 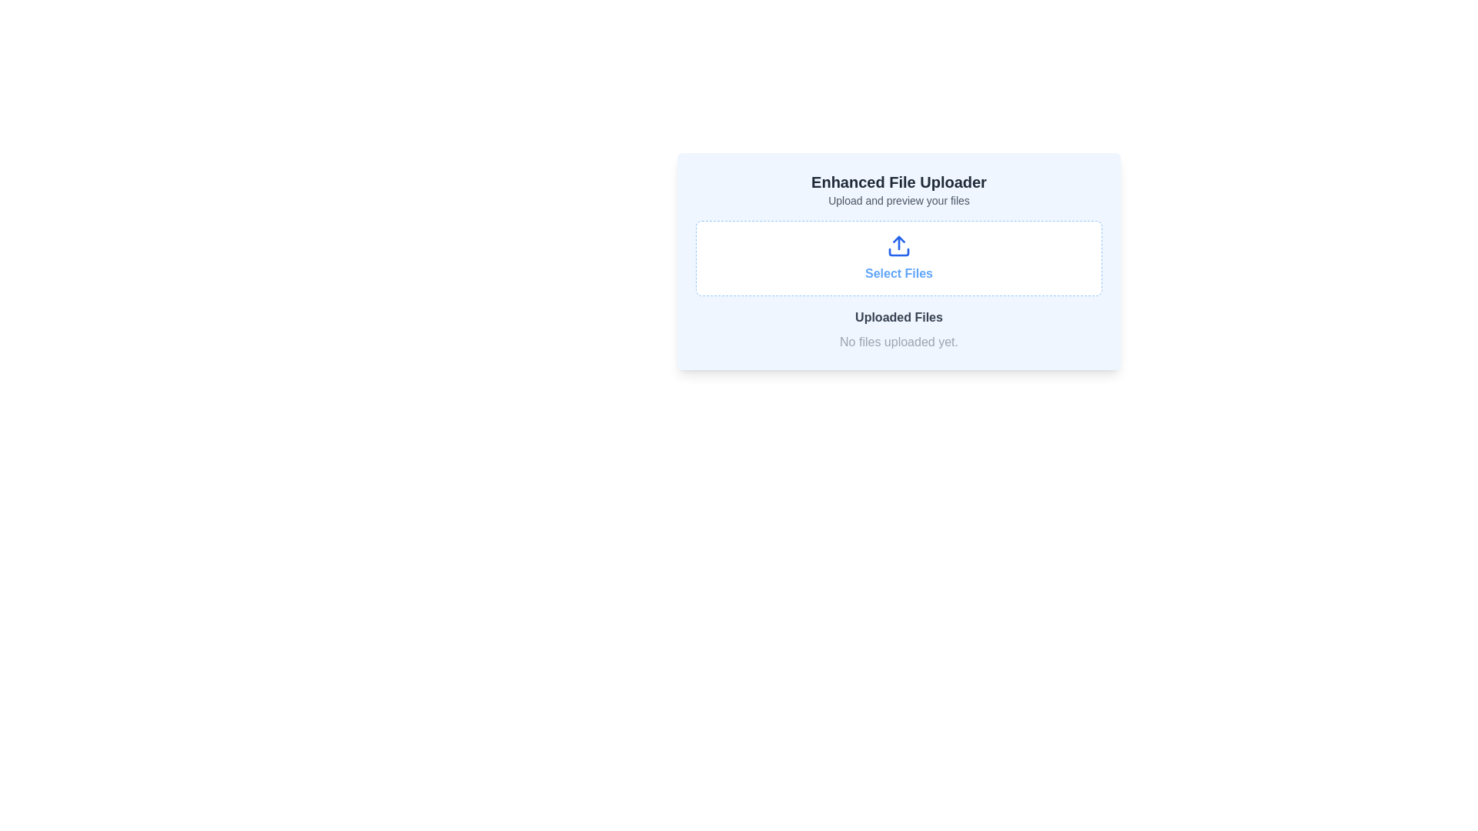 I want to click on the text label stating 'Upload and preview your files', which is styled in a small gray font and positioned below the title 'Enhanced File Uploader', so click(x=898, y=200).